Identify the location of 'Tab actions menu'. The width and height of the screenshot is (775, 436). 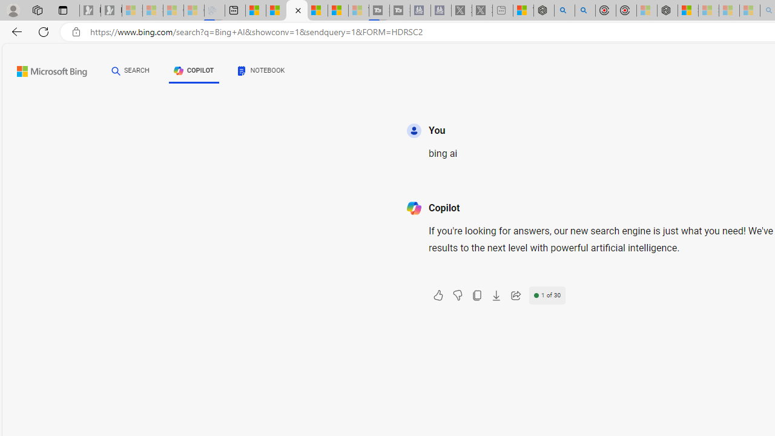
(62, 10).